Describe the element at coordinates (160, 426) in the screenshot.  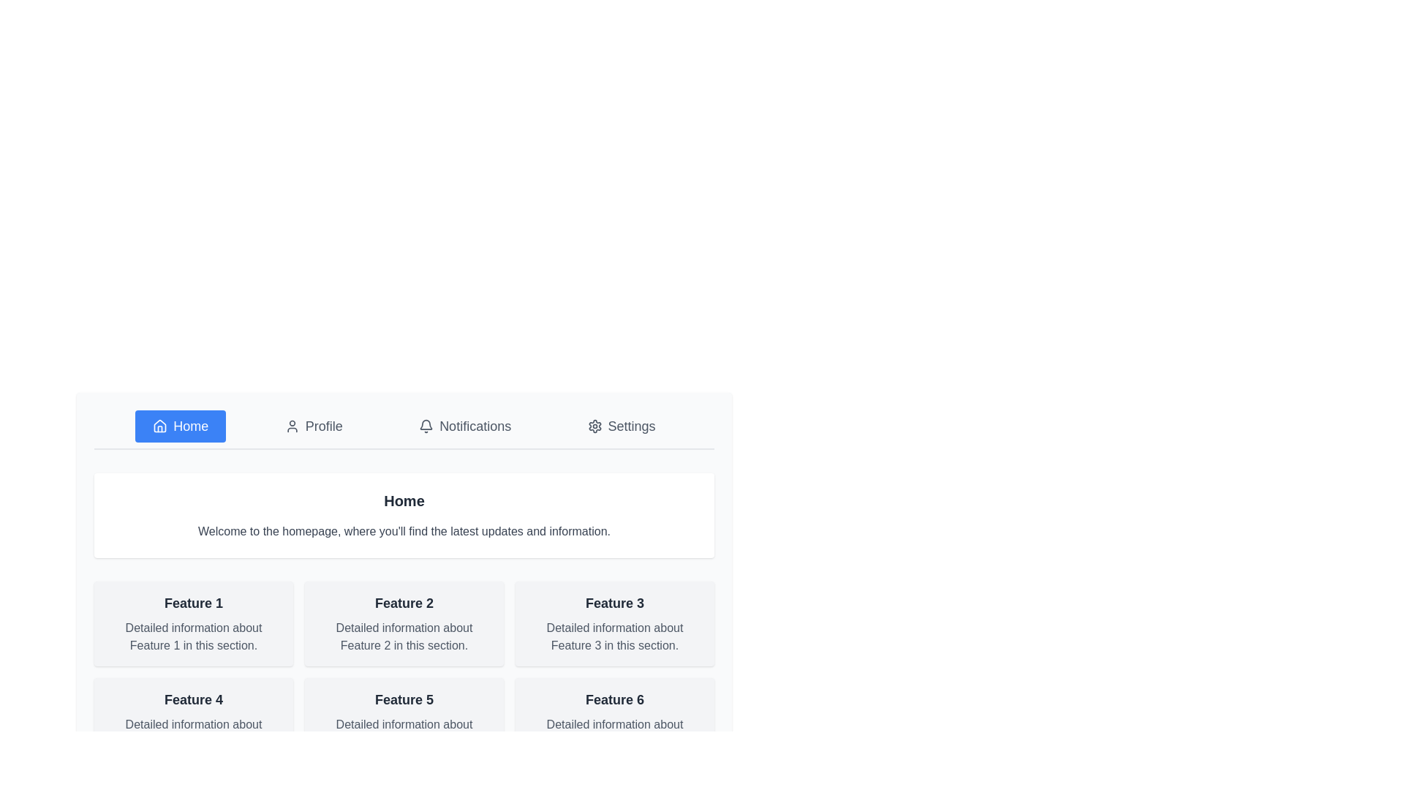
I see `the minimalist house-like icon in the 'Home' button group for interactivity` at that location.